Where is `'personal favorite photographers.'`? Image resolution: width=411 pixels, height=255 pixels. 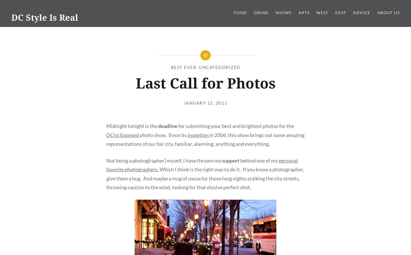
'personal favorite photographers.' is located at coordinates (202, 165).